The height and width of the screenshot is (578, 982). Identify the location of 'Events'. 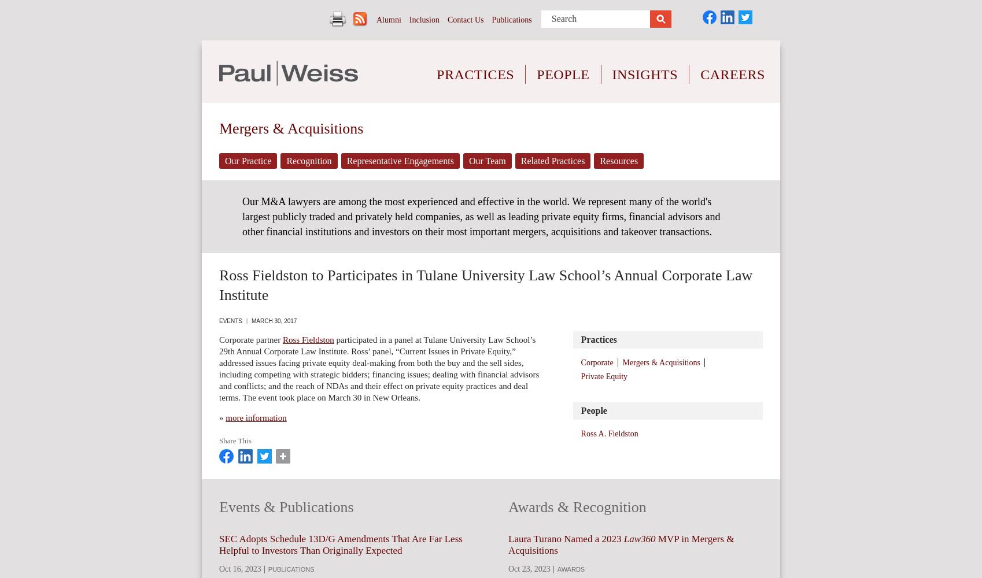
(231, 321).